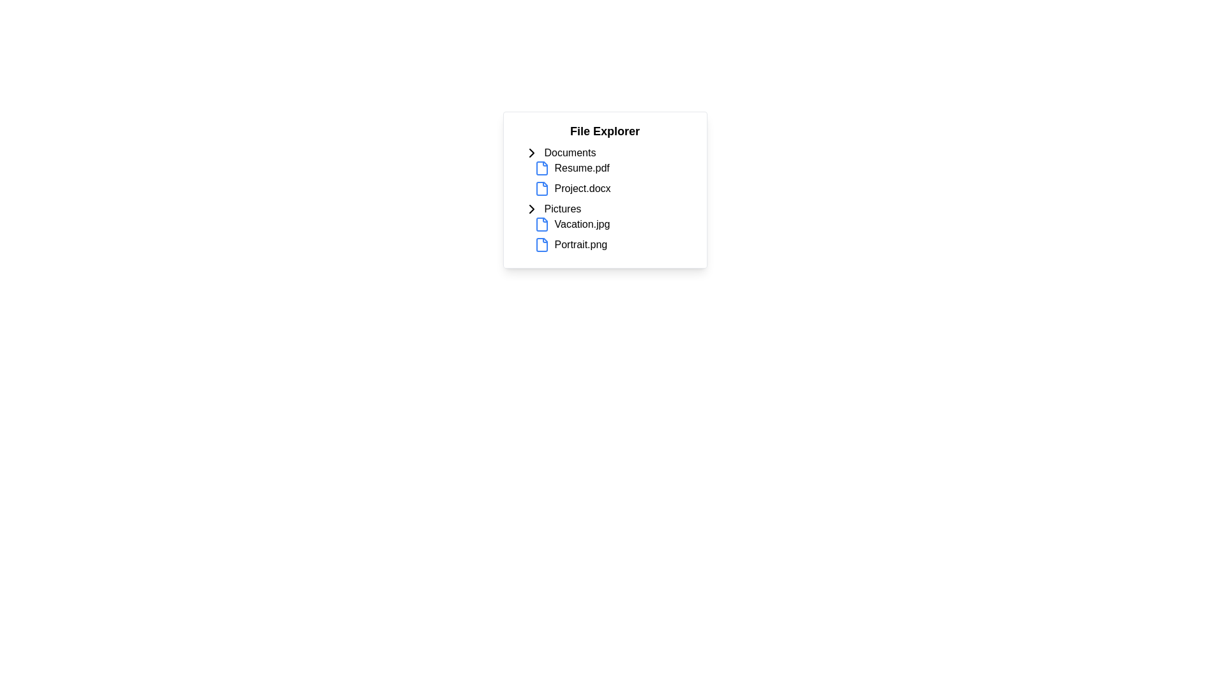 This screenshot has height=689, width=1226. I want to click on the right-chevron icon, so click(531, 208).